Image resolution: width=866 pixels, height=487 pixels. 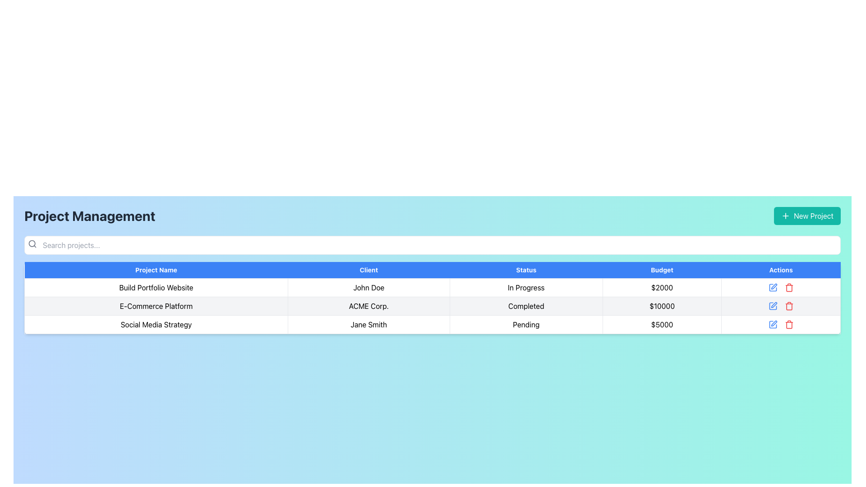 I want to click on the table cell containing the text 'Jane Smith' in the 'Client' column of the project management interface, so click(x=369, y=325).